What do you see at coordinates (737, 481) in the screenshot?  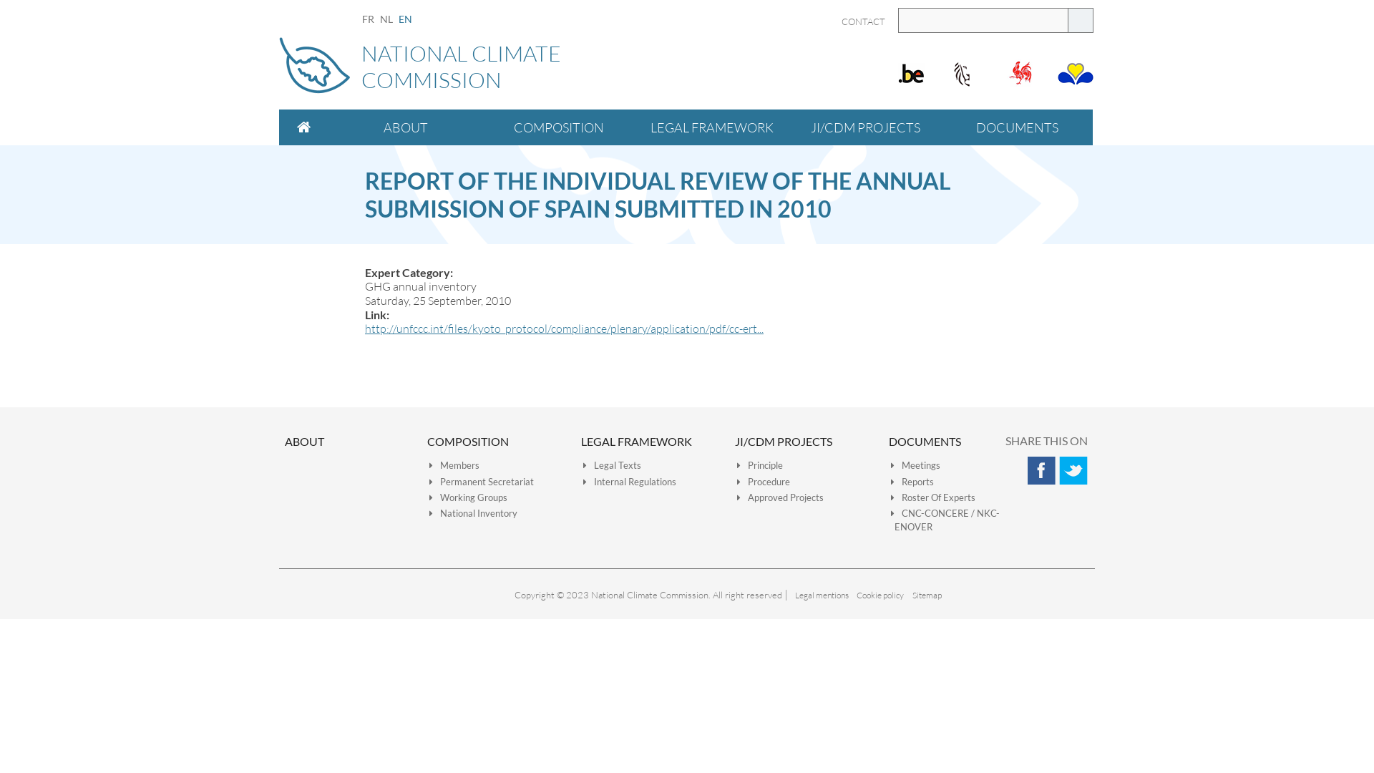 I see `'Procedure'` at bounding box center [737, 481].